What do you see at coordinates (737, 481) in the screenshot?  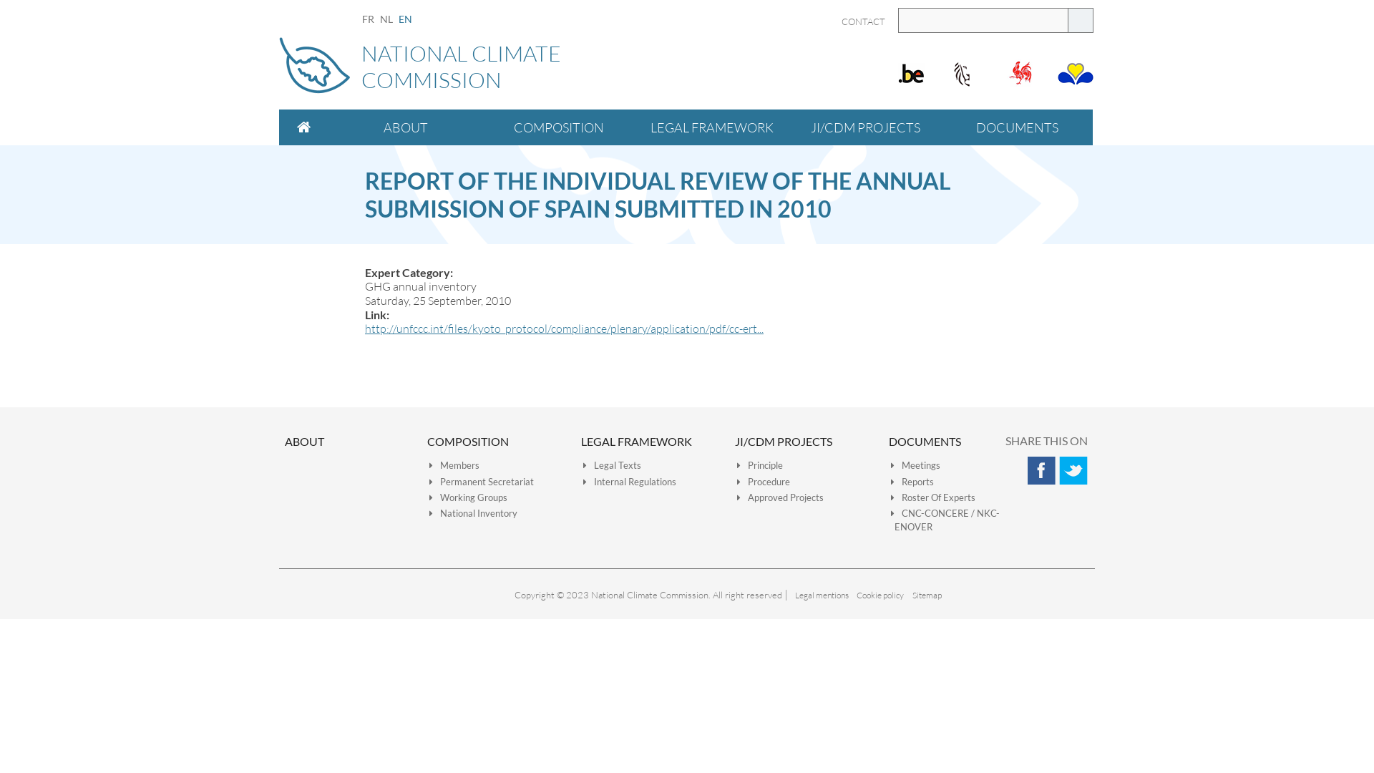 I see `'Procedure'` at bounding box center [737, 481].